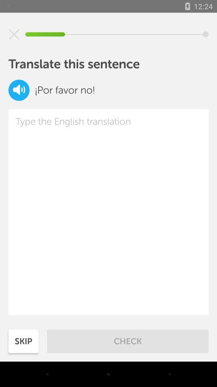 This screenshot has height=387, width=217. I want to click on hear sentence, so click(19, 90).